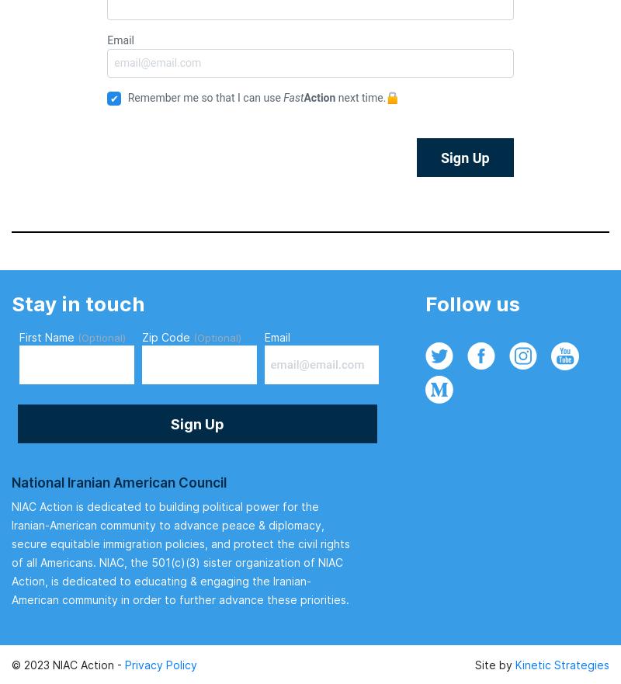  Describe the element at coordinates (78, 303) in the screenshot. I see `'Stay in touch'` at that location.